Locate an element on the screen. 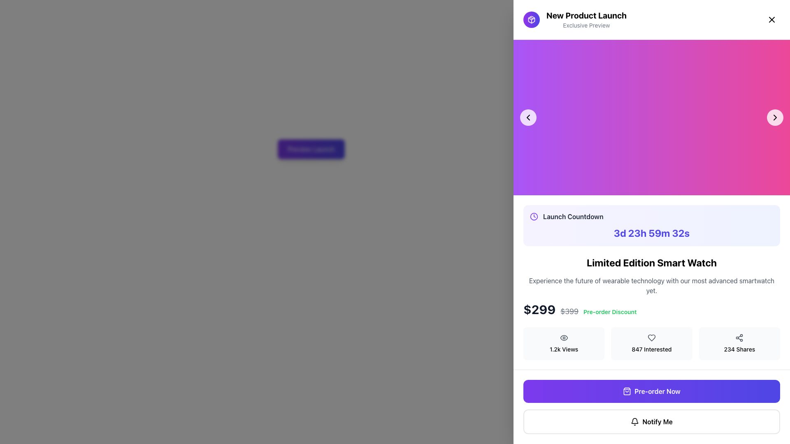 The width and height of the screenshot is (790, 444). countdown timer displaying the time left ('3d 23h 59m 56s') in bold purple font, located within the 'Launch Countdown' section is located at coordinates (651, 233).